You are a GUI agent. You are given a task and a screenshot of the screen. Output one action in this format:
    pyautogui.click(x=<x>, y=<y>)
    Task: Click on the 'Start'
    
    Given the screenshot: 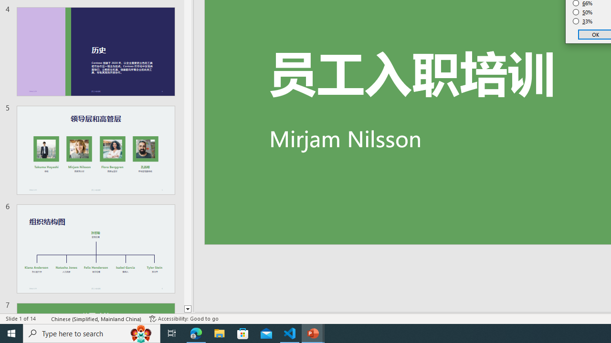 What is the action you would take?
    pyautogui.click(x=11, y=333)
    